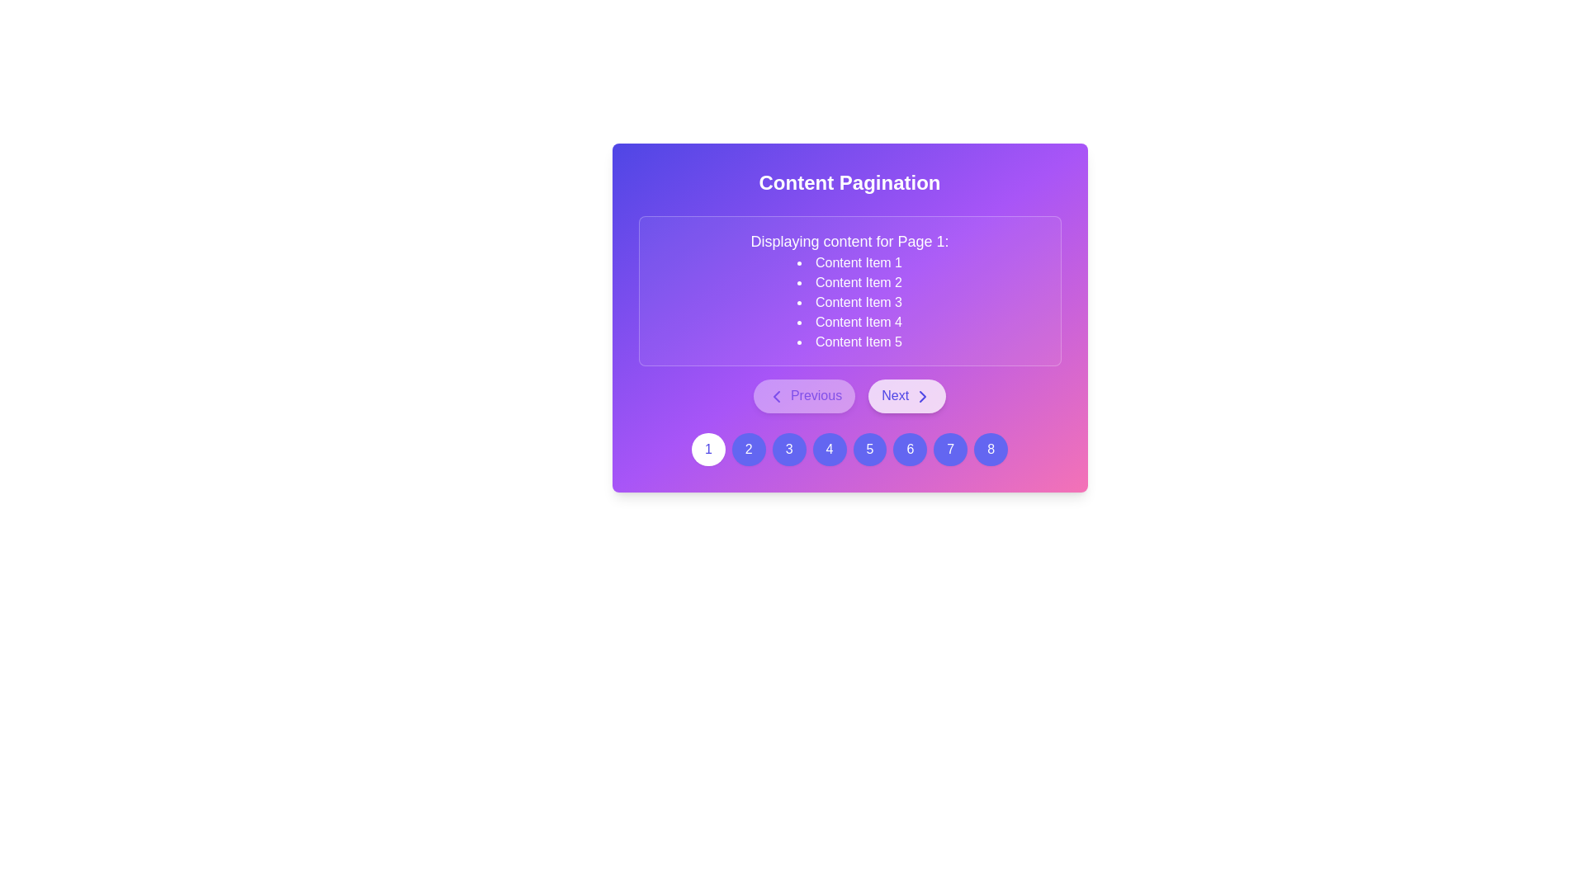 This screenshot has height=891, width=1585. I want to click on the text element labeled 'Content Item 3', which is styled in white and part of a vertically aligned list on a purple background, so click(849, 302).